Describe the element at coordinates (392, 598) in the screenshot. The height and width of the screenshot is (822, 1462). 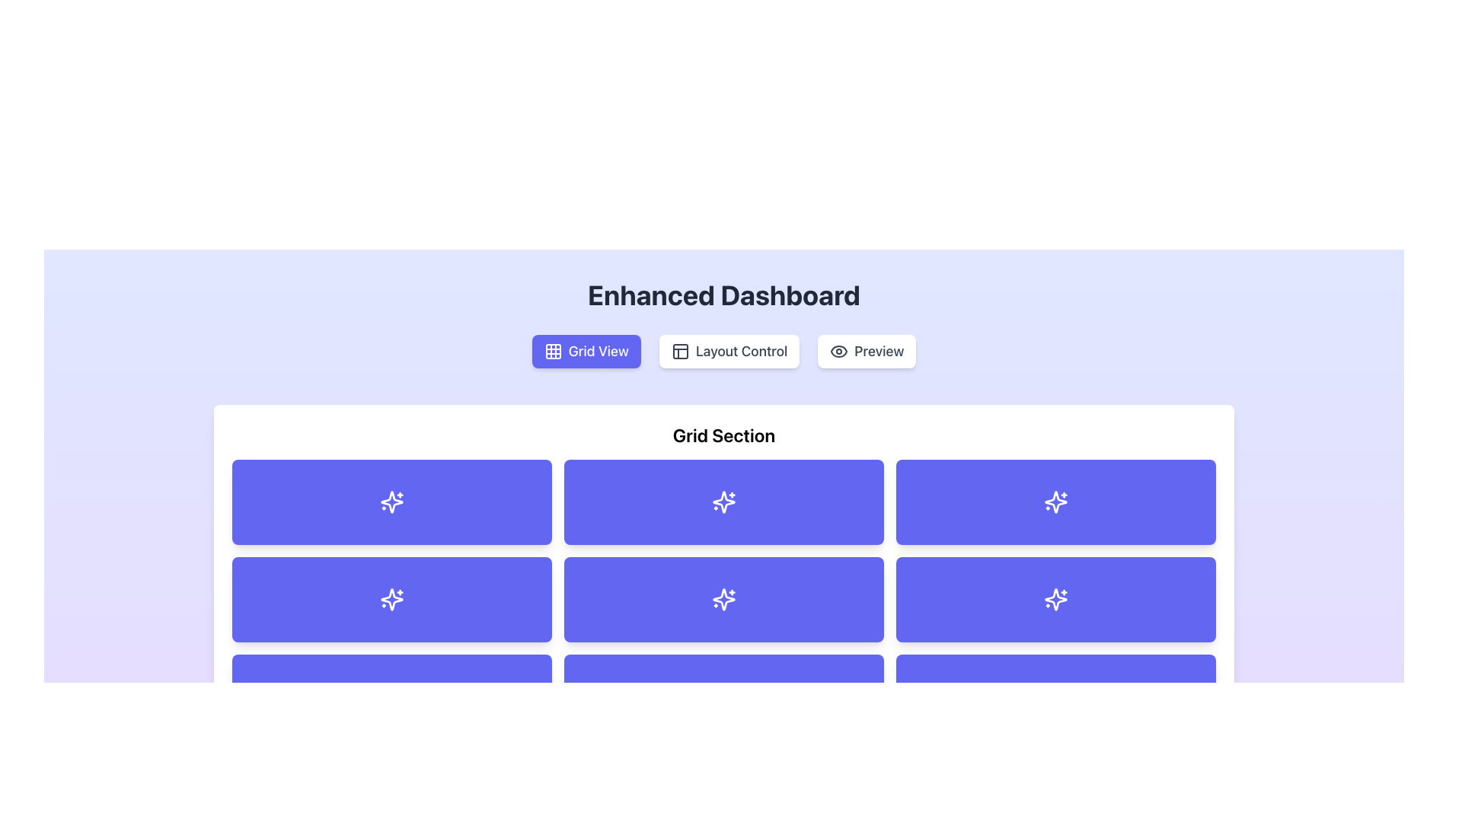
I see `the star-shaped SVG Icon with white lines on a blue background, located in the second row and second column of the 3x3 grid layout in the Enhanced Dashboard` at that location.